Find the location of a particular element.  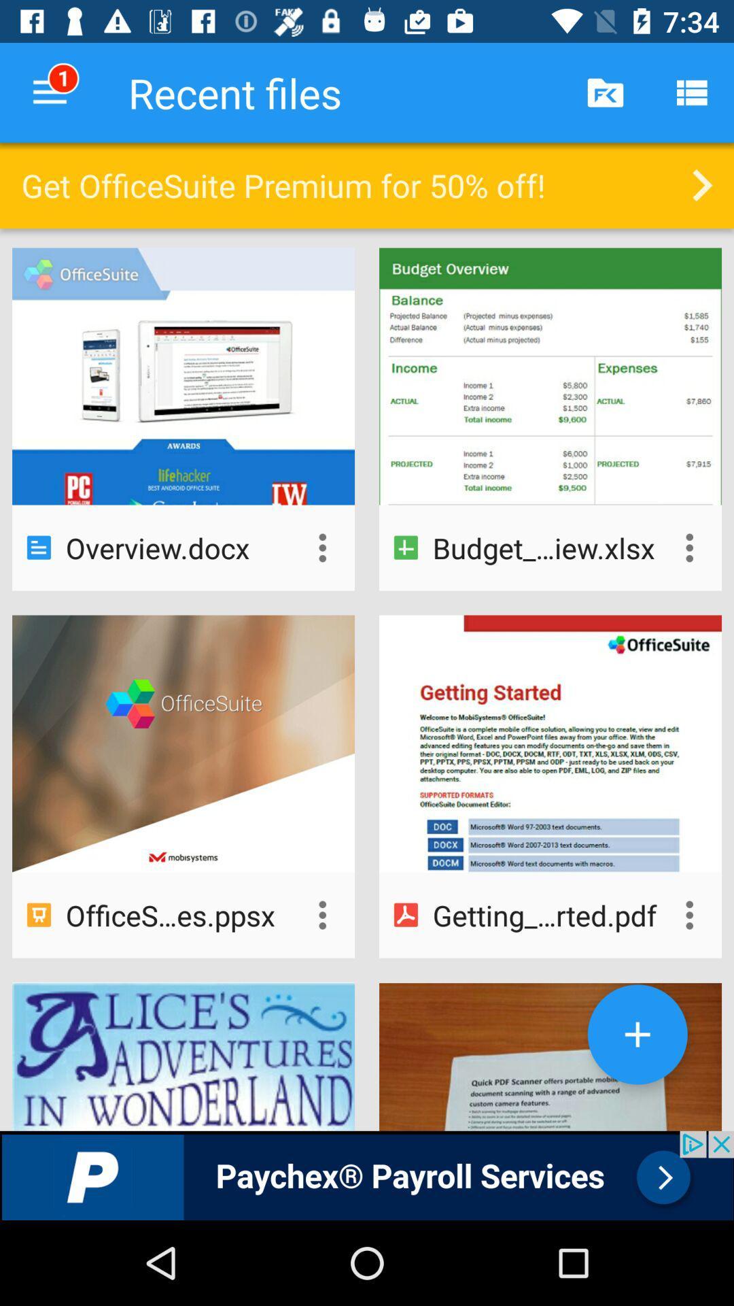

see options for this document is located at coordinates (689, 915).